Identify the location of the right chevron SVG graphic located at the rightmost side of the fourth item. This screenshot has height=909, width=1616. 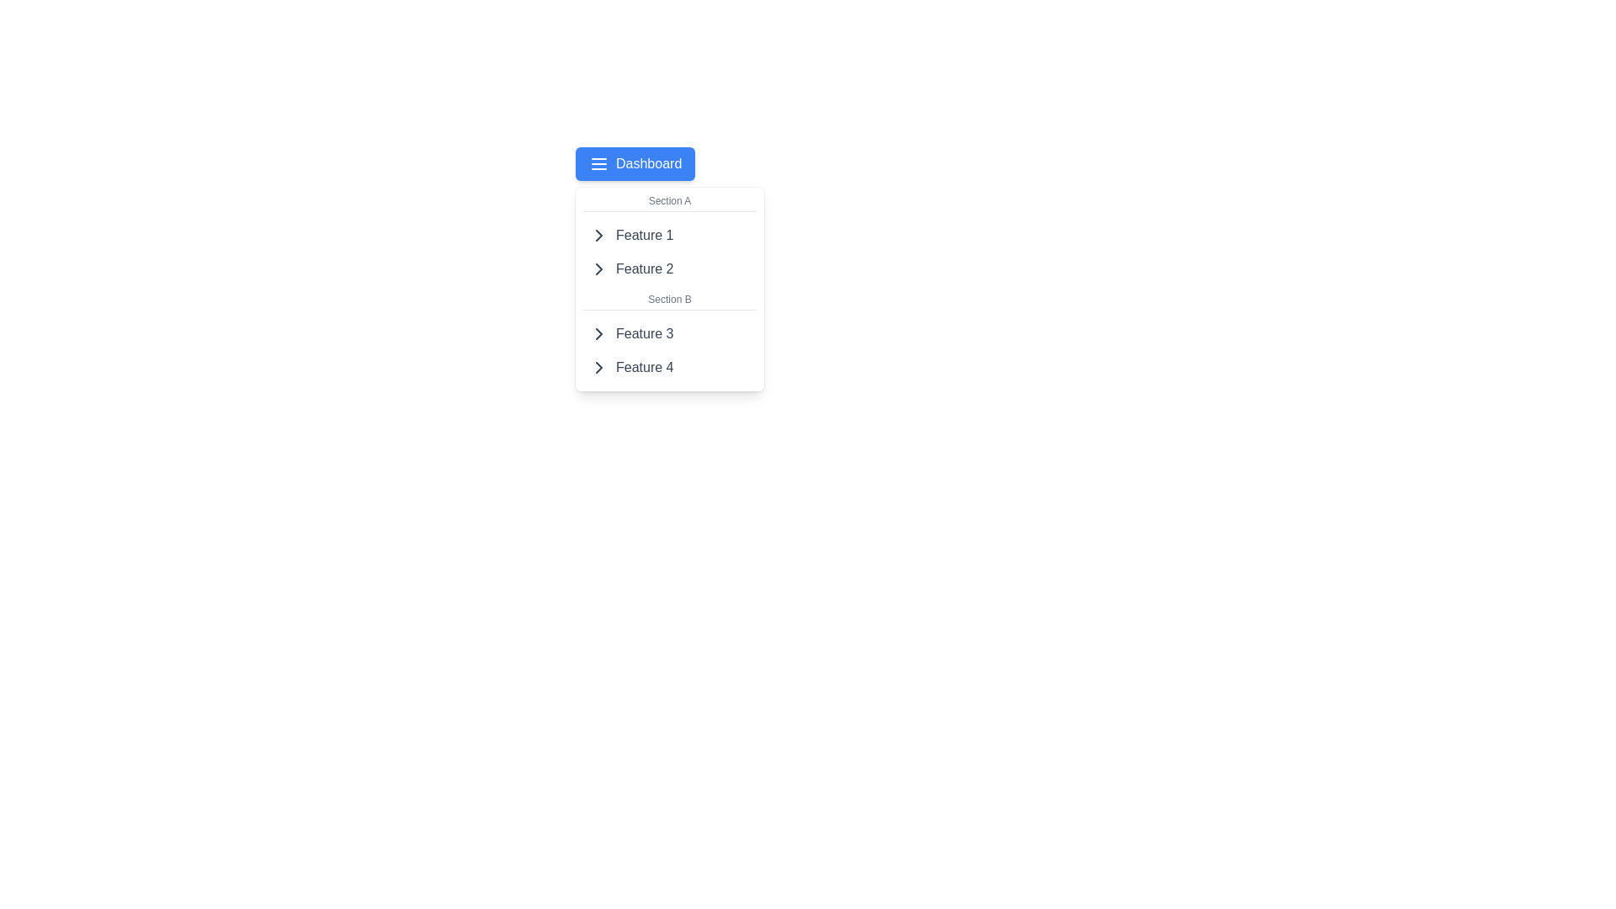
(598, 366).